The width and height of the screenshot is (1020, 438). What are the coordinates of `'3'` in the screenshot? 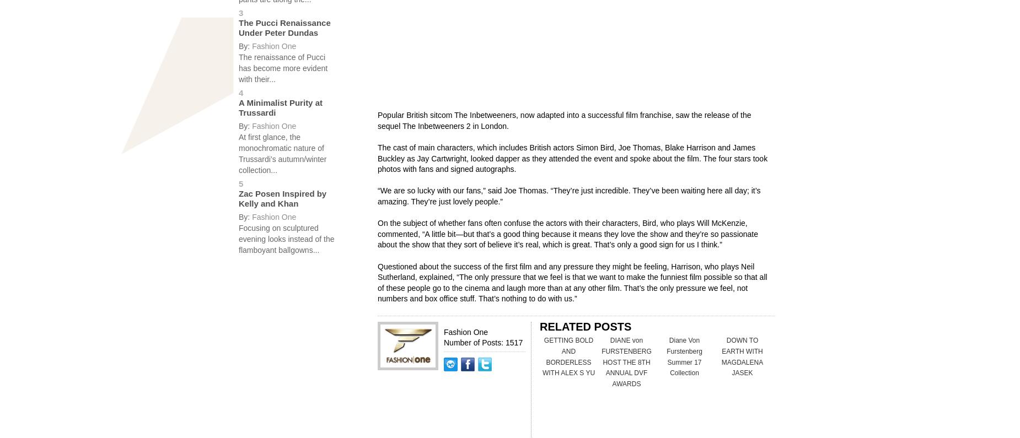 It's located at (238, 12).